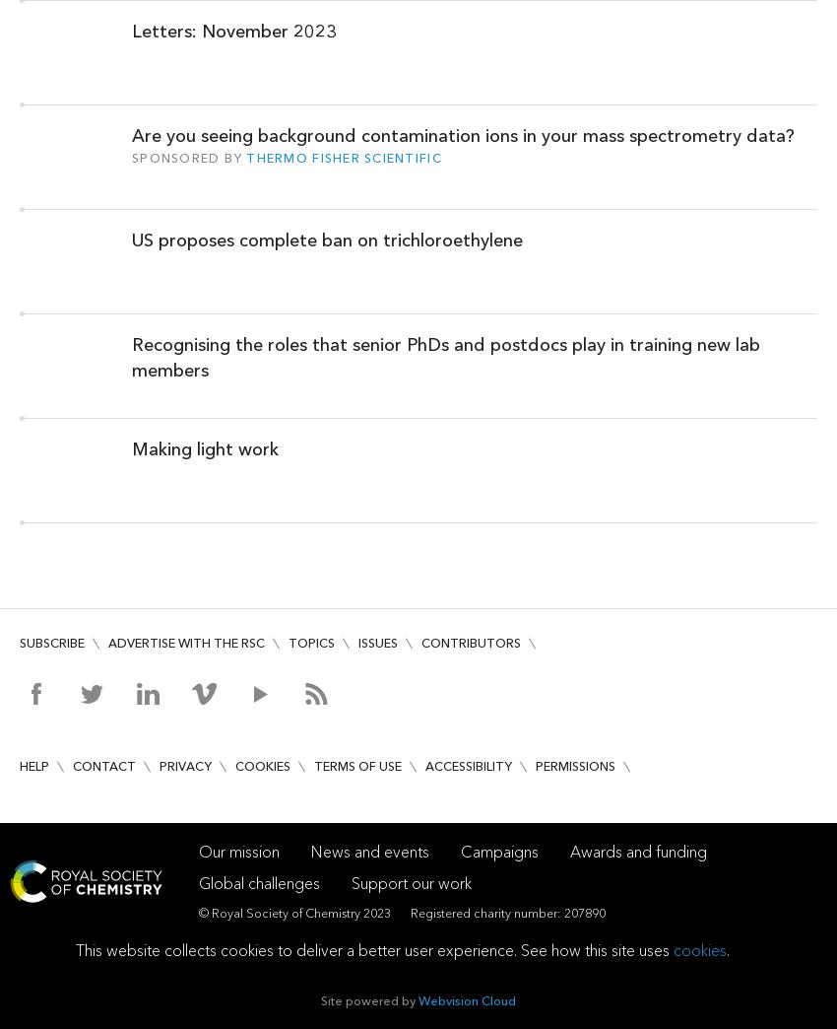  I want to click on 'cookies', so click(699, 949).